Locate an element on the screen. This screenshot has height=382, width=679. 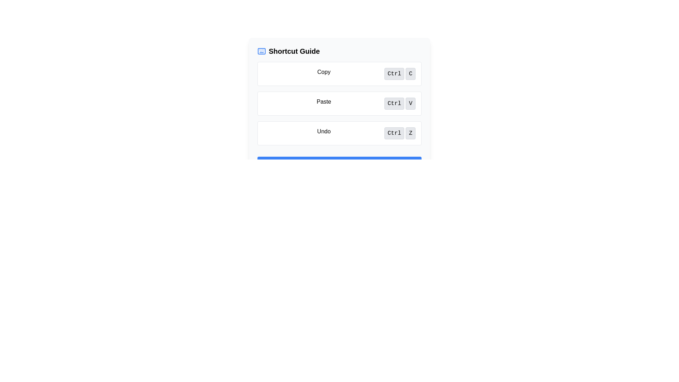
displayed keyboard shortcut 'Ctrl Z' which is shown in a light gray background with rounded corners, located beneath 'Copy' and 'Paste' and right-aligned in its row is located at coordinates (400, 133).